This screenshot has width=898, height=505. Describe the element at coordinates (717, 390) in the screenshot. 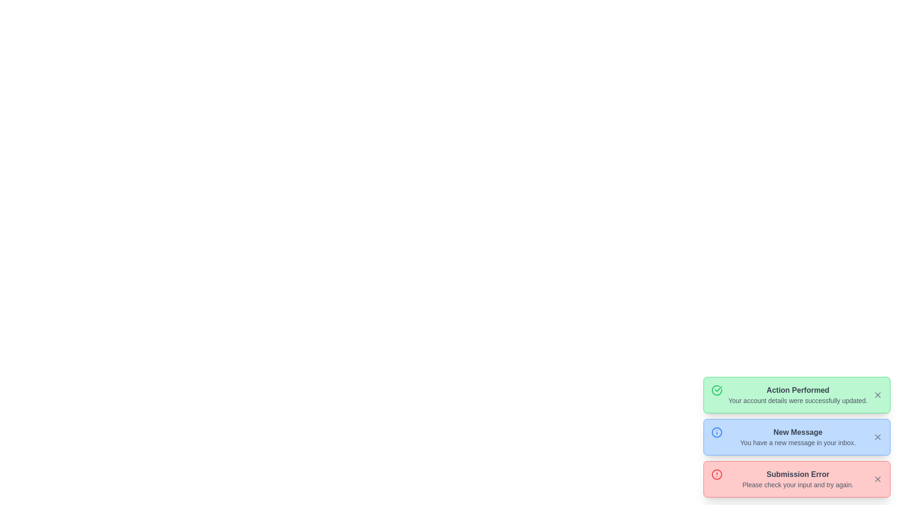

I see `the success icon located near the top-left corner of the green notification box labeled 'Action Performed' to provide visual confirmation of the action's success` at that location.